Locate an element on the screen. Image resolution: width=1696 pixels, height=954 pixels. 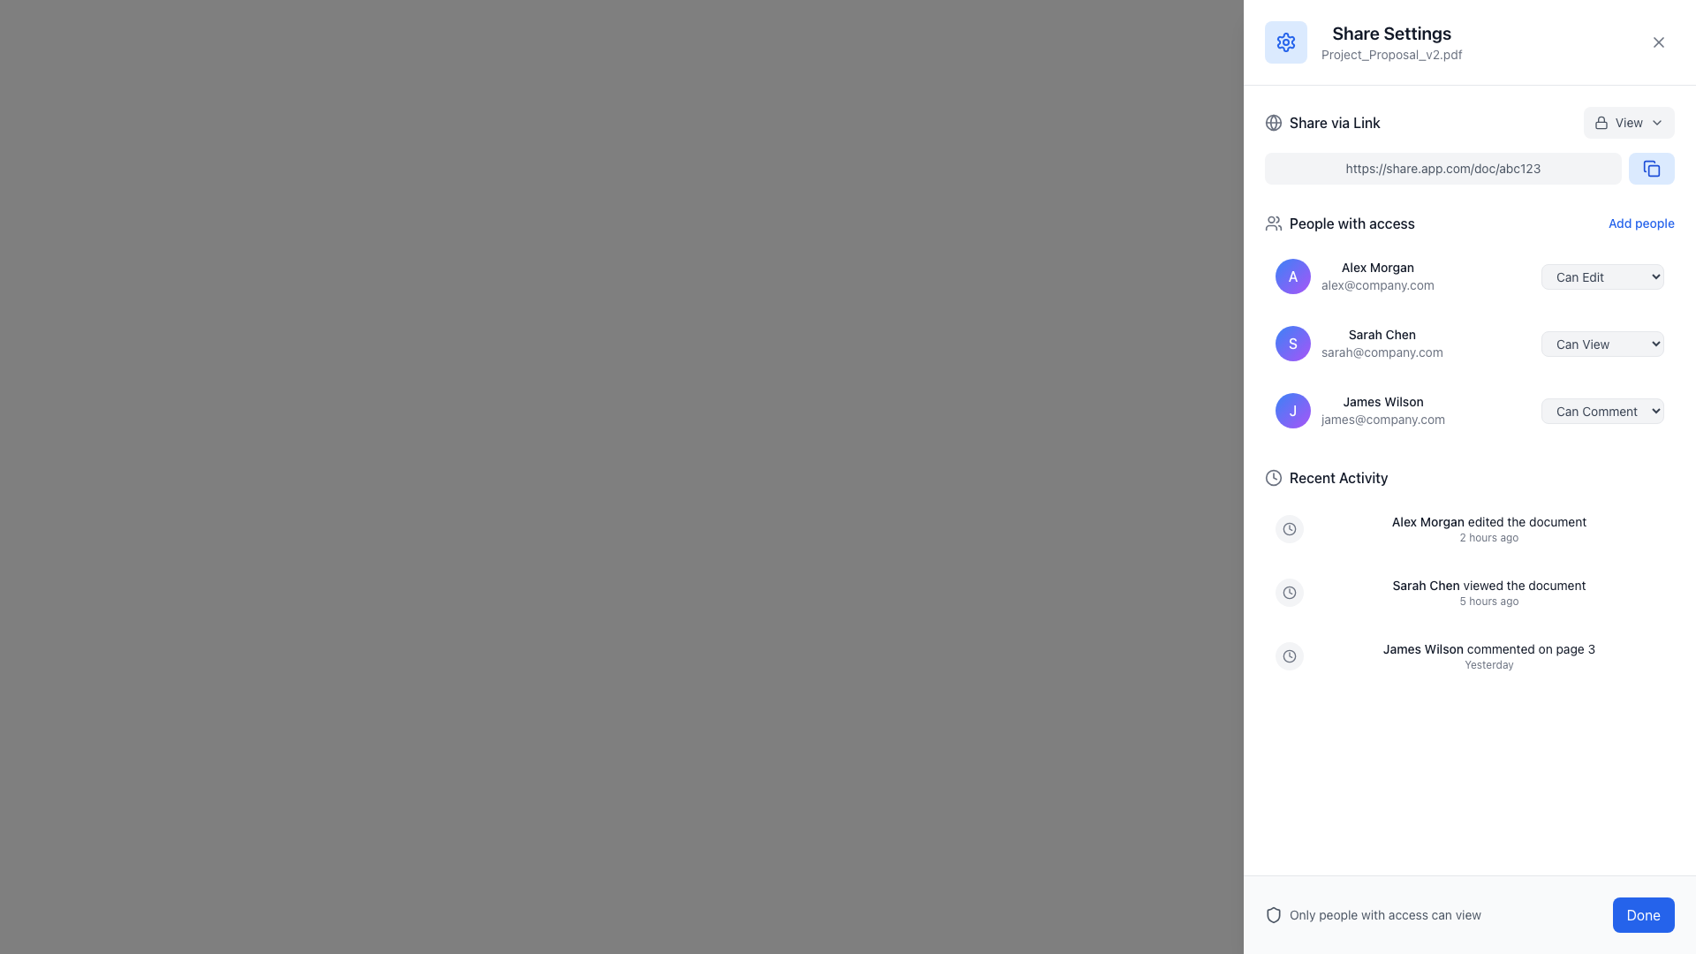
the graphical icon representing 'people' or 'group' located to the left of the text 'People with access' in the sharing settings panel is located at coordinates (1273, 223).